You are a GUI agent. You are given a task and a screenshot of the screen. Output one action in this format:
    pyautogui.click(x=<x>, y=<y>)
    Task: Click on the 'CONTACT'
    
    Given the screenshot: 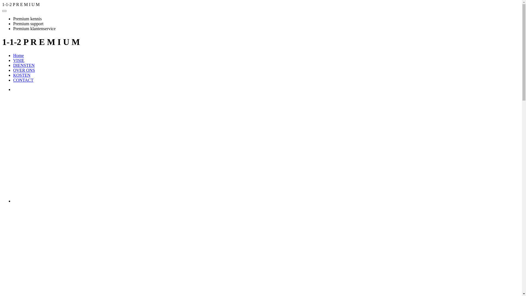 What is the action you would take?
    pyautogui.click(x=23, y=80)
    